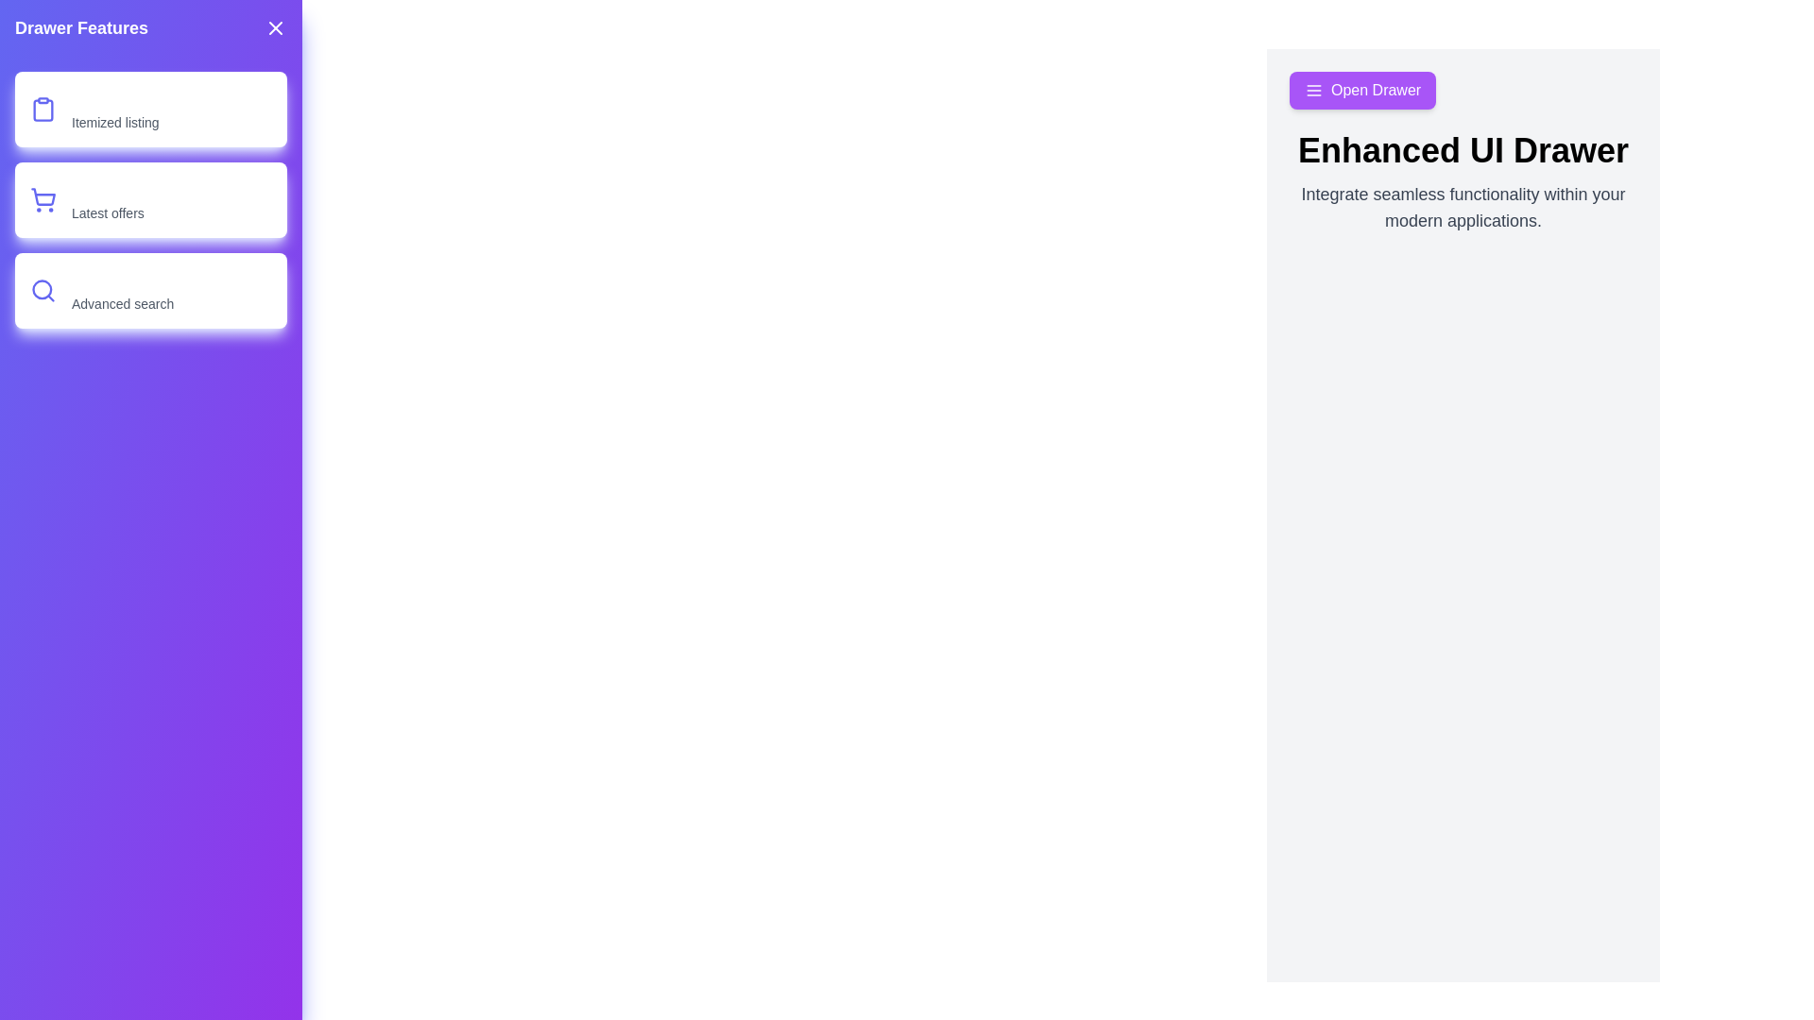 Image resolution: width=1814 pixels, height=1020 pixels. What do you see at coordinates (1361, 91) in the screenshot?
I see `the 'Open Drawer' button to open the drawer` at bounding box center [1361, 91].